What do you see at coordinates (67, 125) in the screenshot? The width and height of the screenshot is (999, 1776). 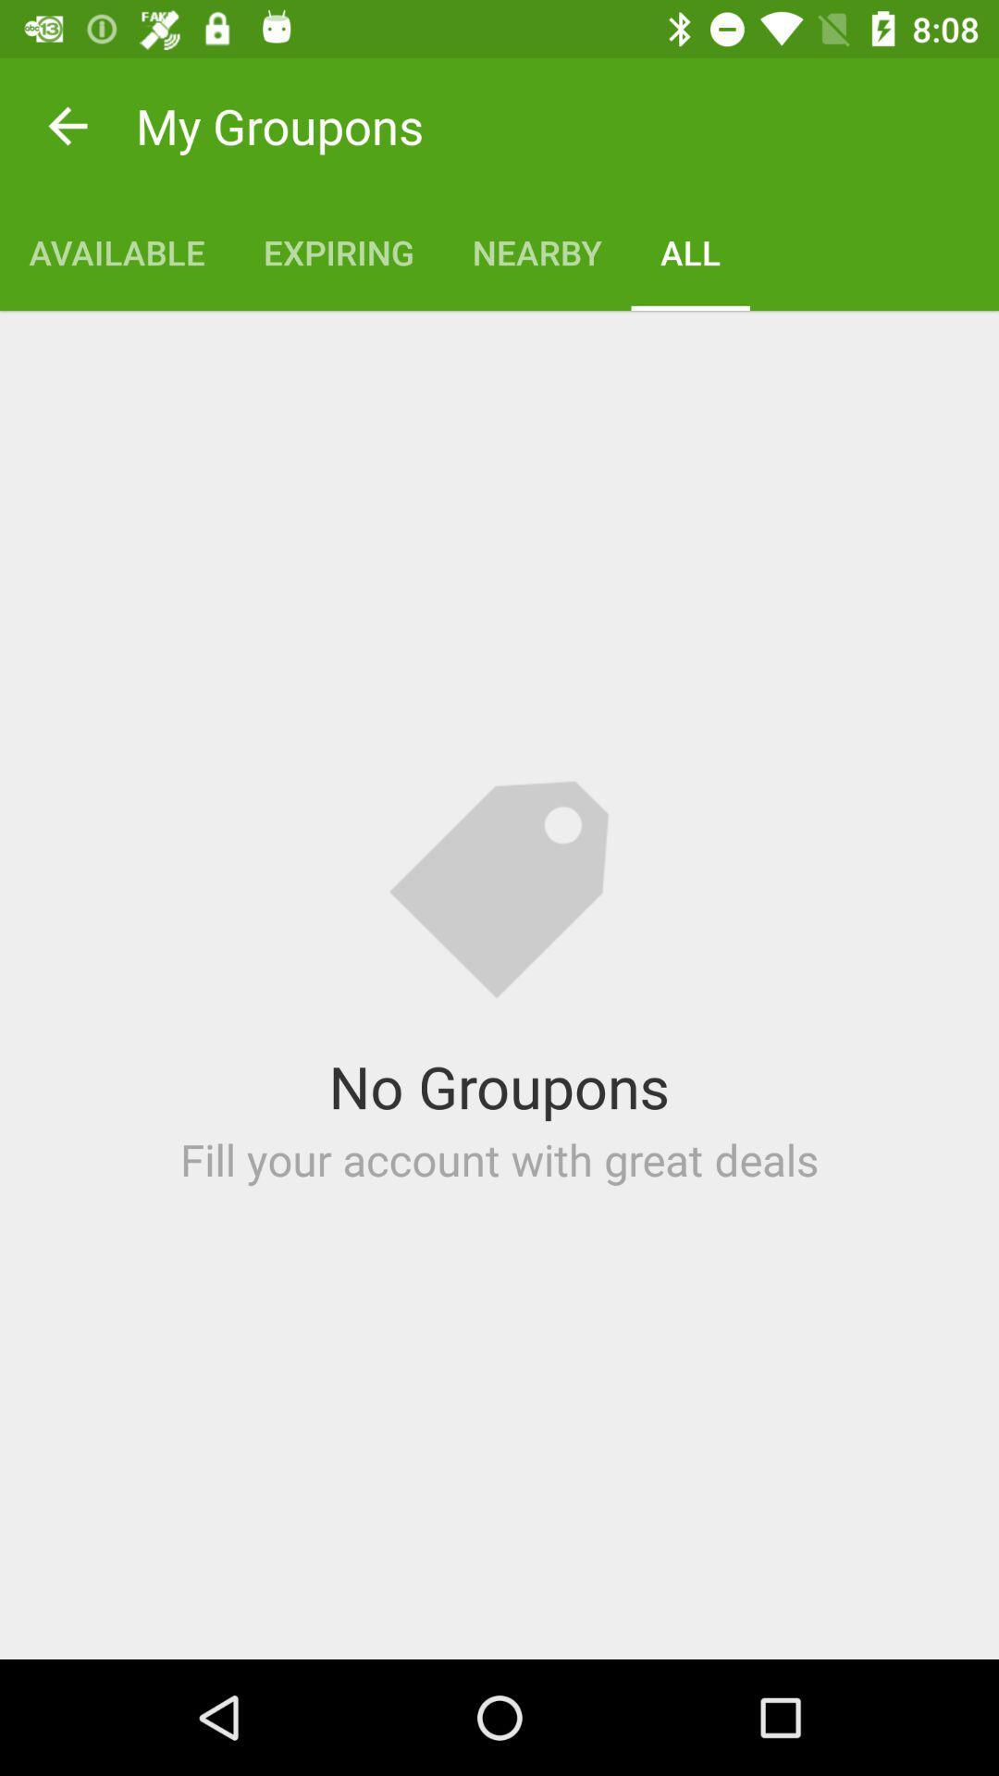 I see `the item above the available` at bounding box center [67, 125].